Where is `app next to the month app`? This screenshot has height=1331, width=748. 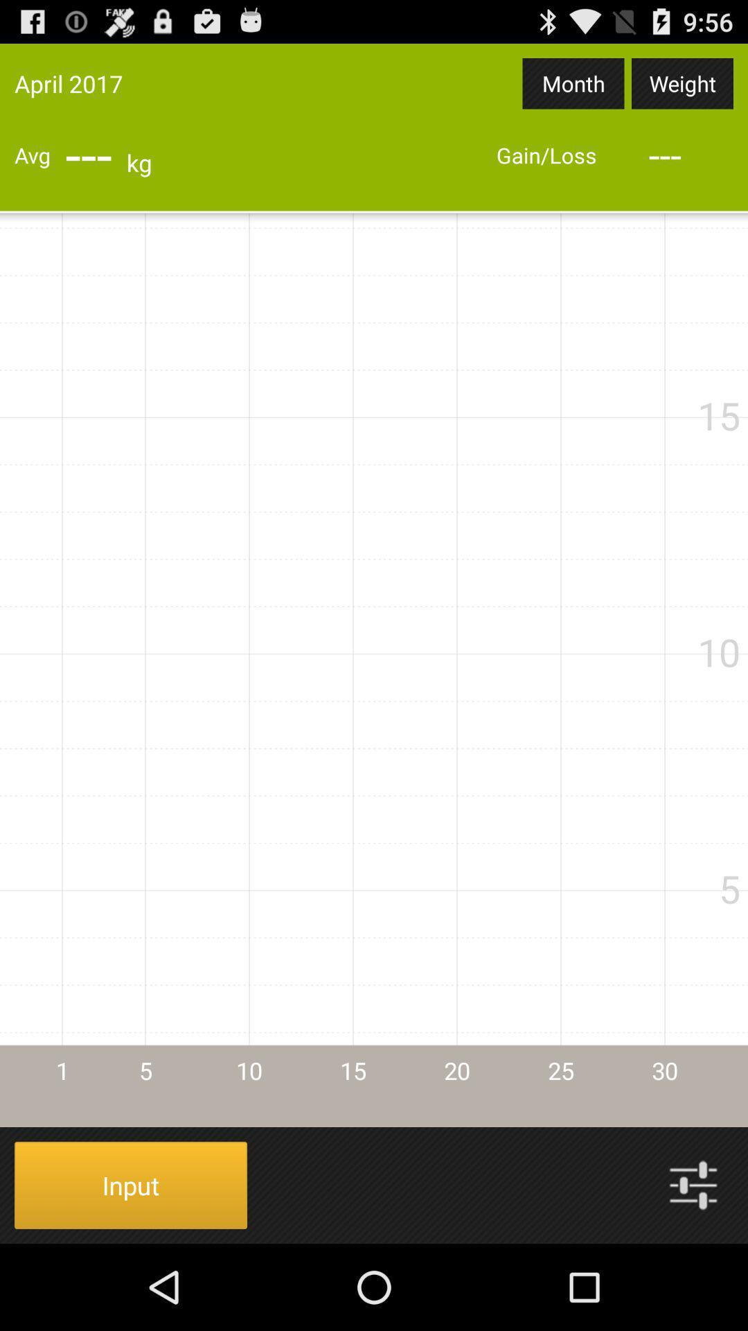 app next to the month app is located at coordinates (682, 82).